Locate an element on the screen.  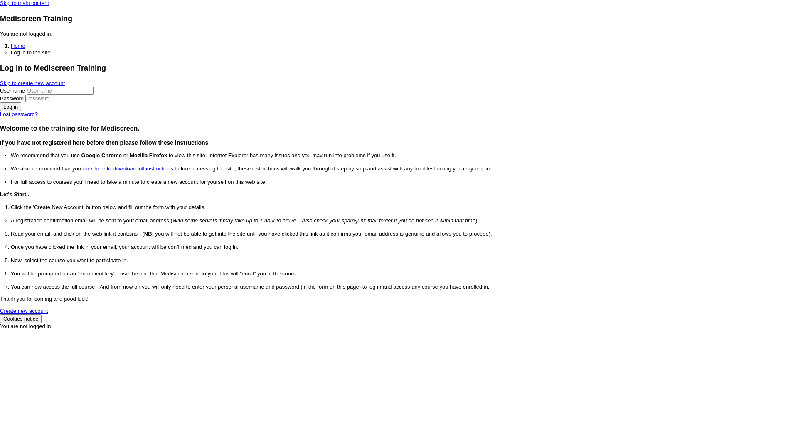
'Cookies notice' is located at coordinates (0, 318).